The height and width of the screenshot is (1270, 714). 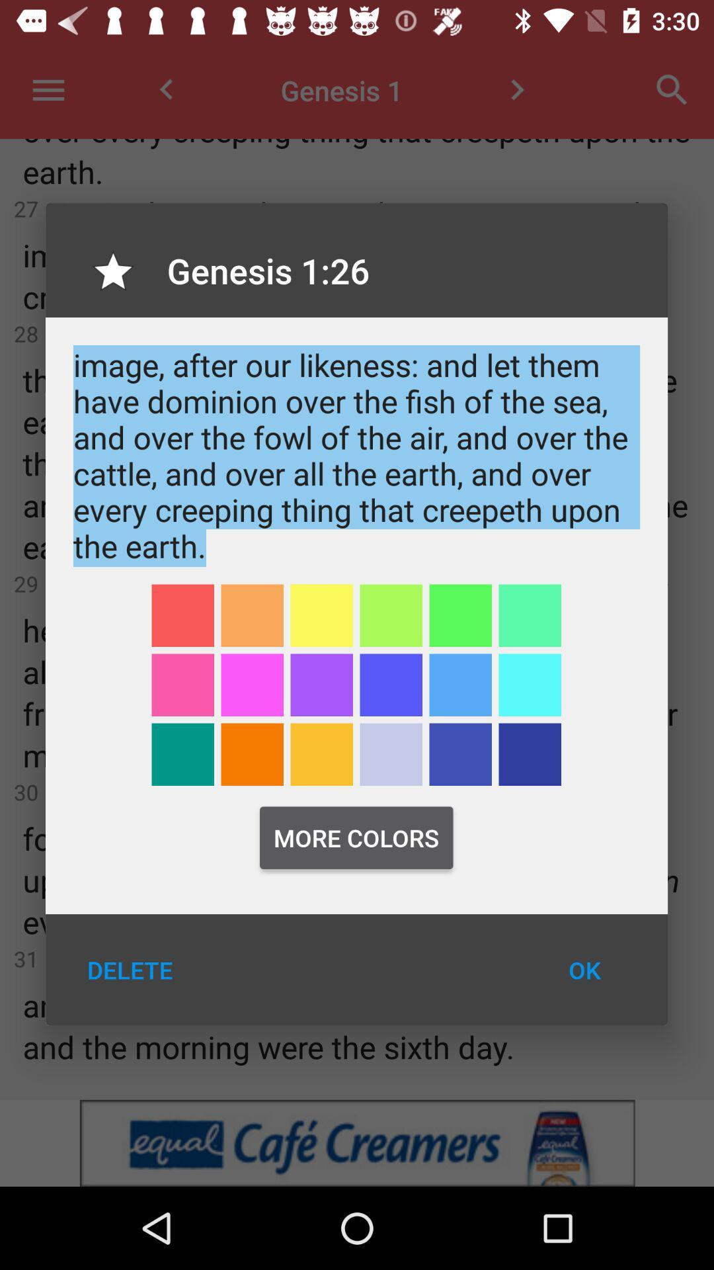 I want to click on color choice, so click(x=459, y=614).